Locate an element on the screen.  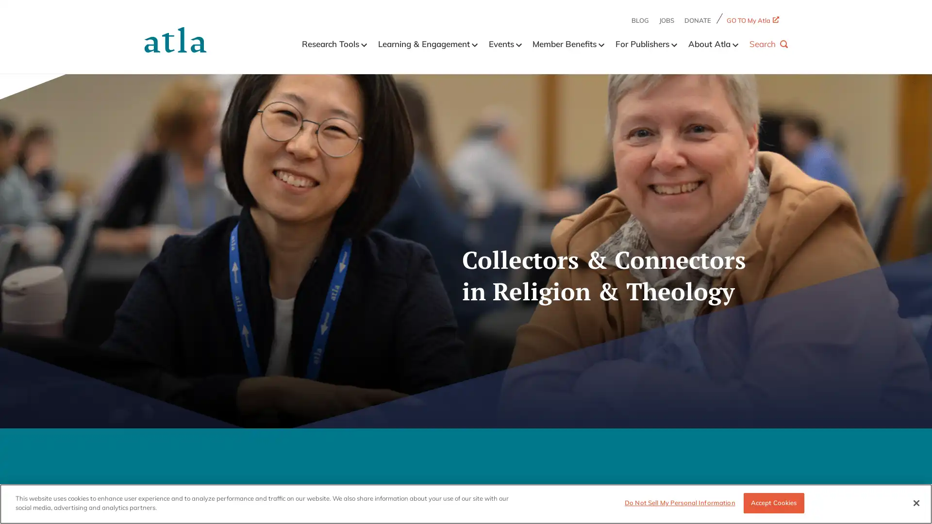
Close is located at coordinates (915, 502).